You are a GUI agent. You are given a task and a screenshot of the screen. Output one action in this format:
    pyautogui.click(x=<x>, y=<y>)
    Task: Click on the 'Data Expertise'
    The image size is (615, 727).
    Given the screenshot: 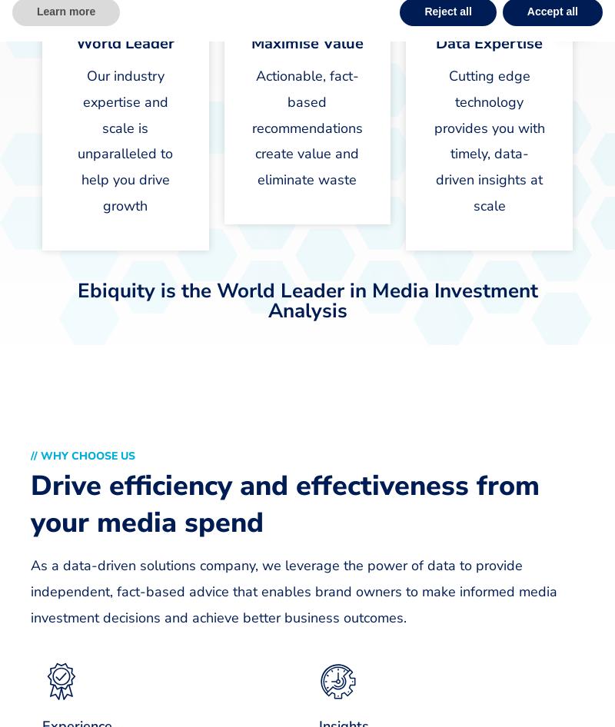 What is the action you would take?
    pyautogui.click(x=488, y=43)
    